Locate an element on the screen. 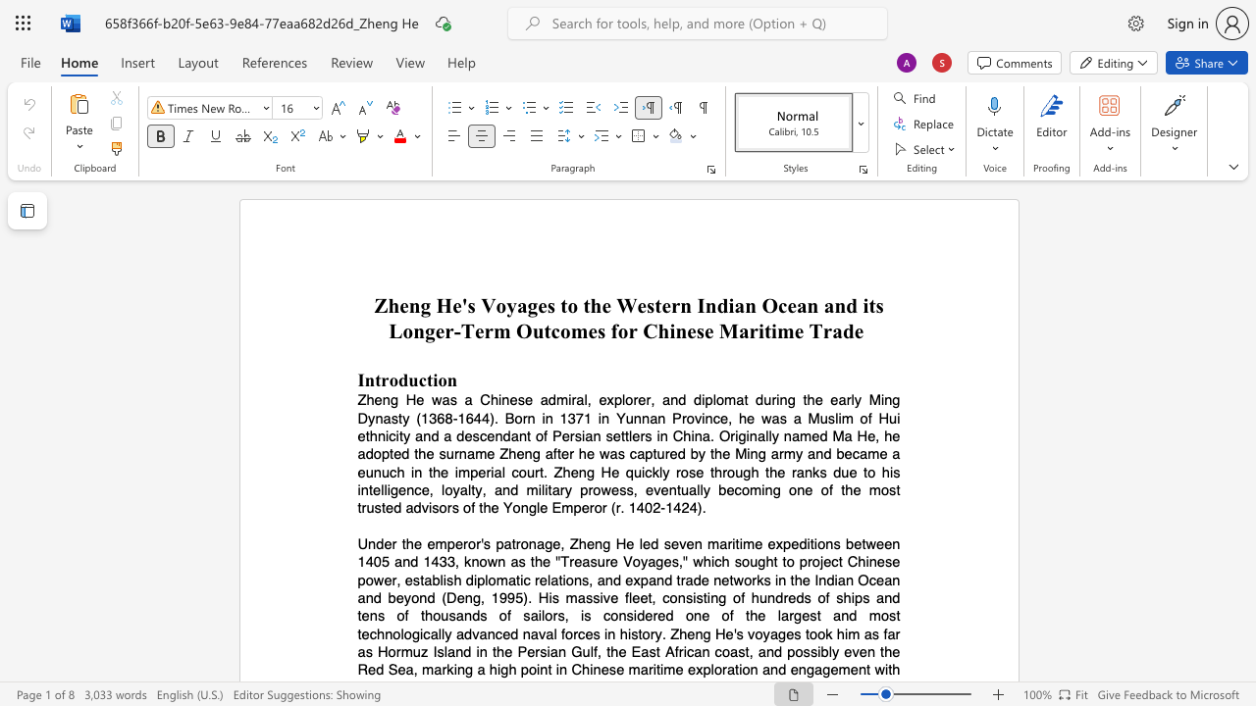  the subset text "the Western Indian Ocean and" within the text "Zheng He" is located at coordinates (582, 305).